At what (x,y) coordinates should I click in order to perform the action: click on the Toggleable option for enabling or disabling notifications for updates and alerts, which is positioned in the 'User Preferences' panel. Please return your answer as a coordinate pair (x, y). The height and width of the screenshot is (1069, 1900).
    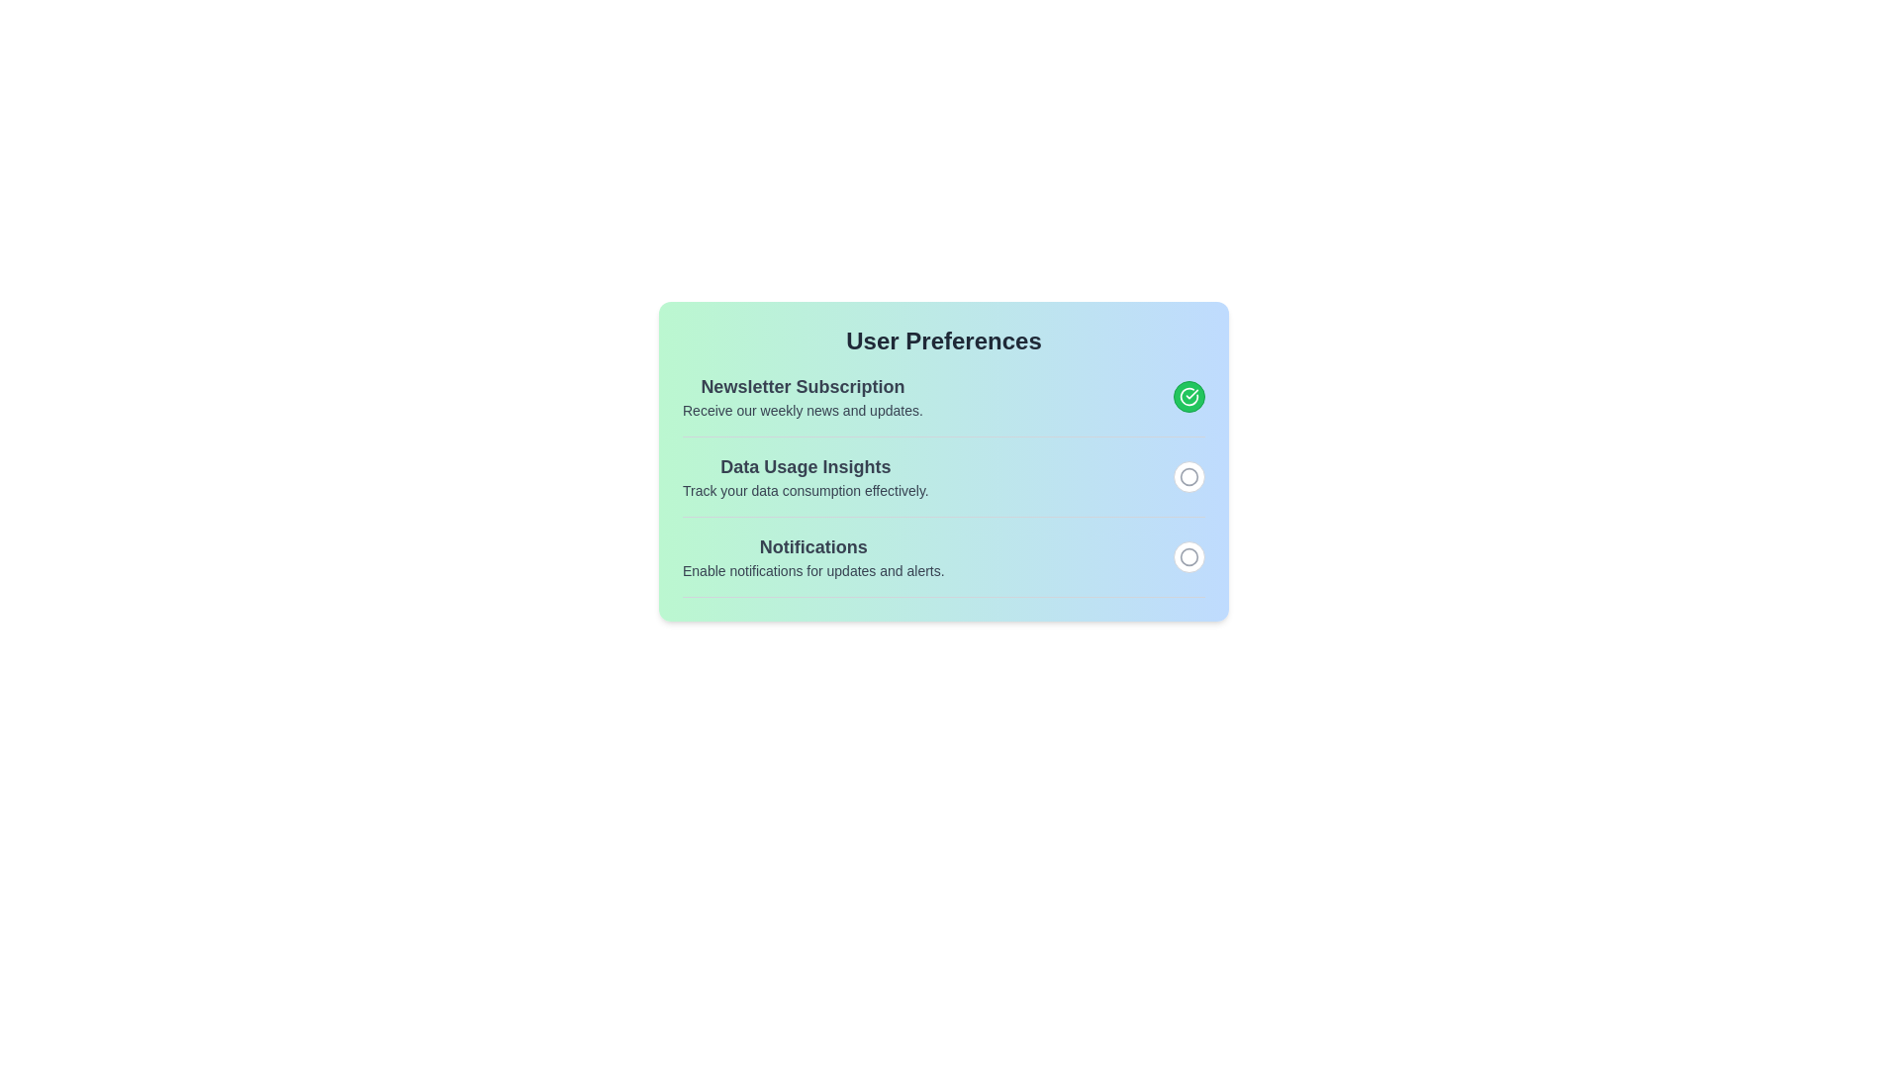
    Looking at the image, I should click on (943, 564).